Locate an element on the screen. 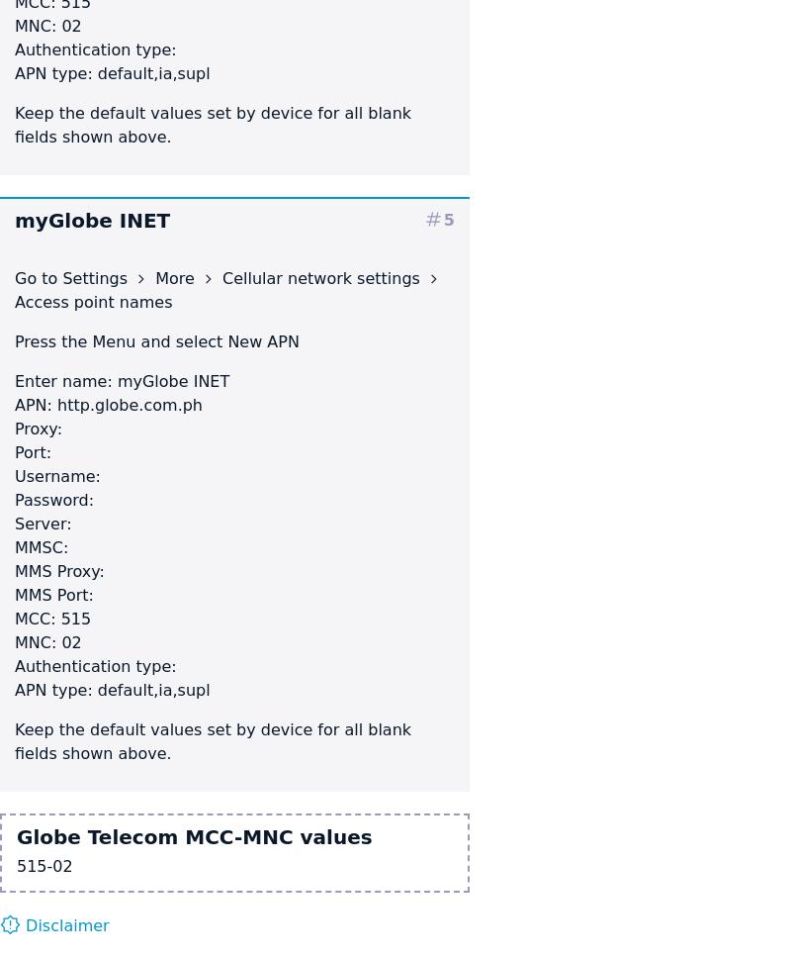 This screenshot has width=791, height=957. 'MCC:' is located at coordinates (34, 619).